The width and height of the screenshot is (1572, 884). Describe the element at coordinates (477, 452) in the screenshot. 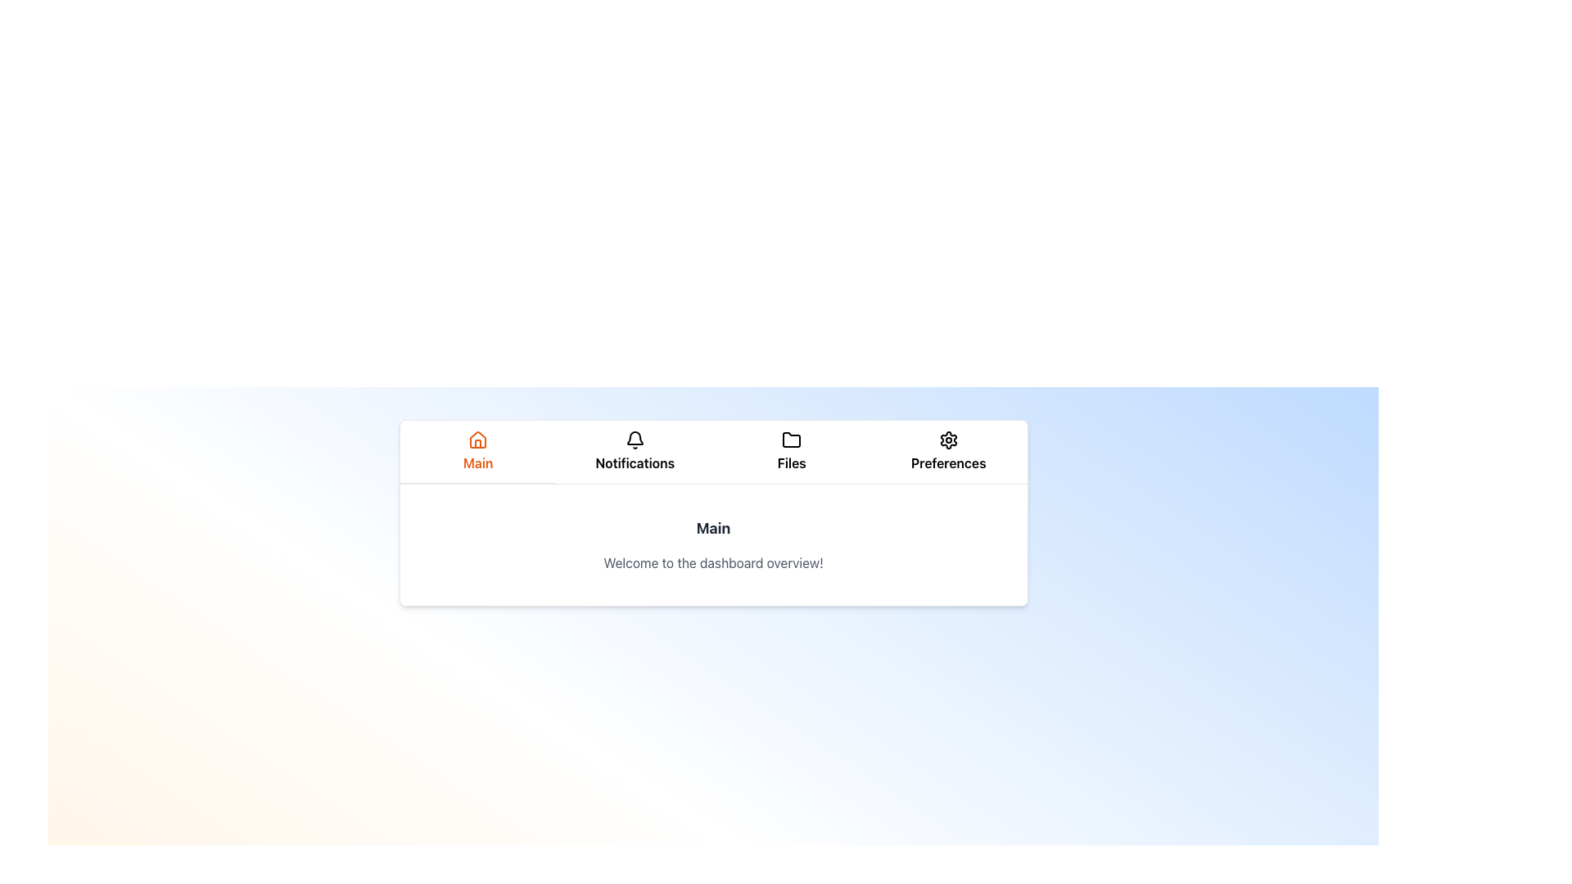

I see `the leftmost button in the navigation bar that displays a house icon and the text 'Main' below it` at that location.